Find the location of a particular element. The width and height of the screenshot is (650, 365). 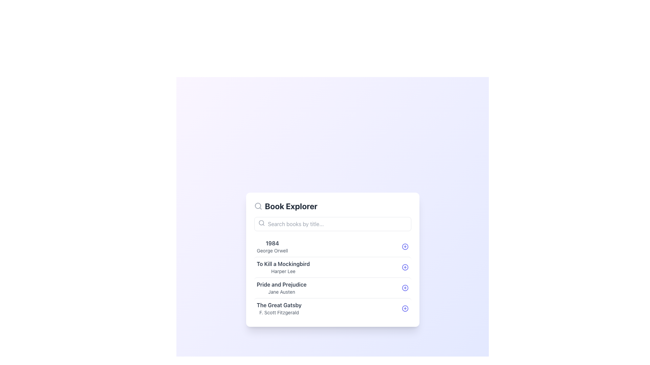

the title of the fourth book item in the list, which displays the book title and author, to interact with it is located at coordinates (332, 308).